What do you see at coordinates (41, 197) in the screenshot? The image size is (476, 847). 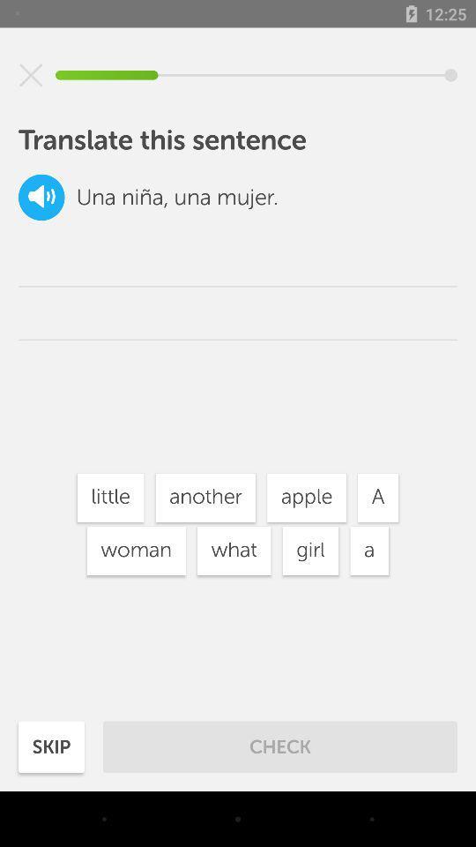 I see `the item below translate this sentence icon` at bounding box center [41, 197].